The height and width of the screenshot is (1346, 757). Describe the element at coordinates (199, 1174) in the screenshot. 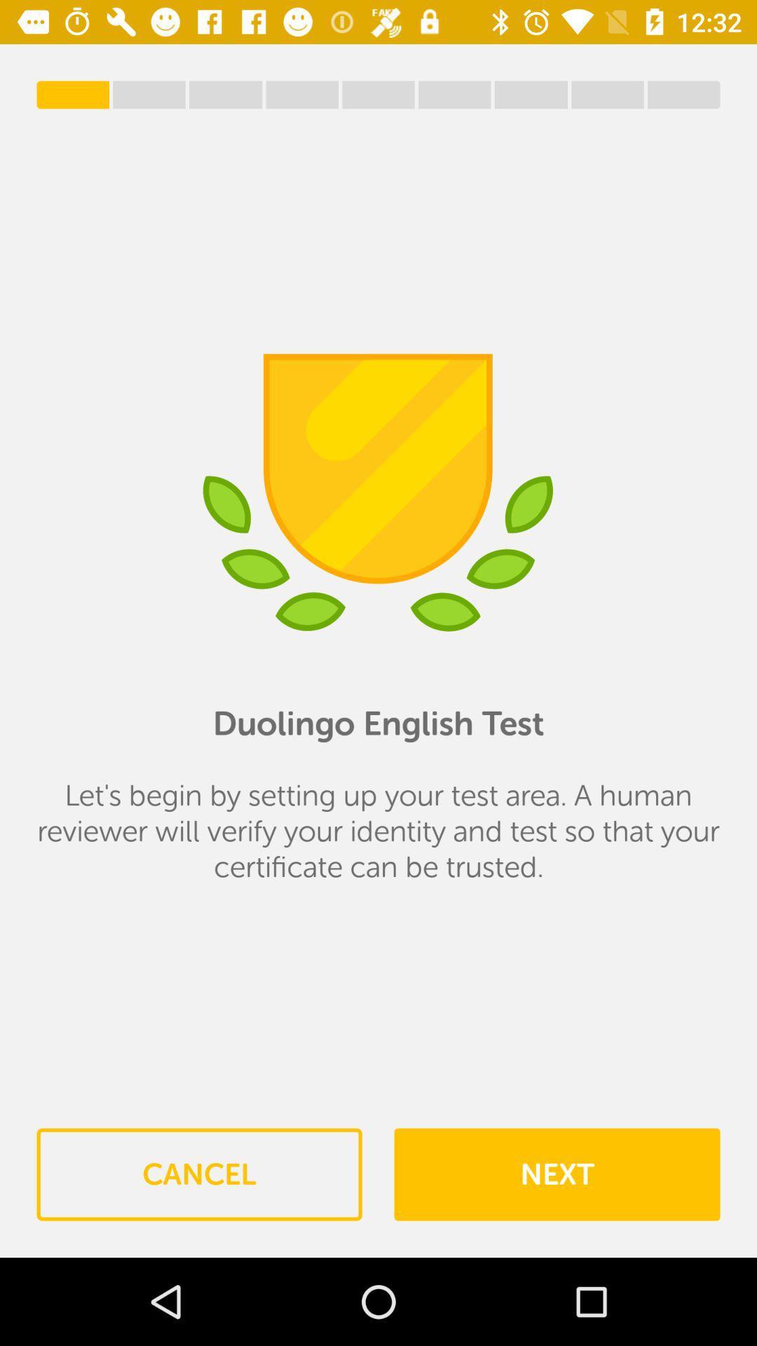

I see `item at the bottom left corner` at that location.